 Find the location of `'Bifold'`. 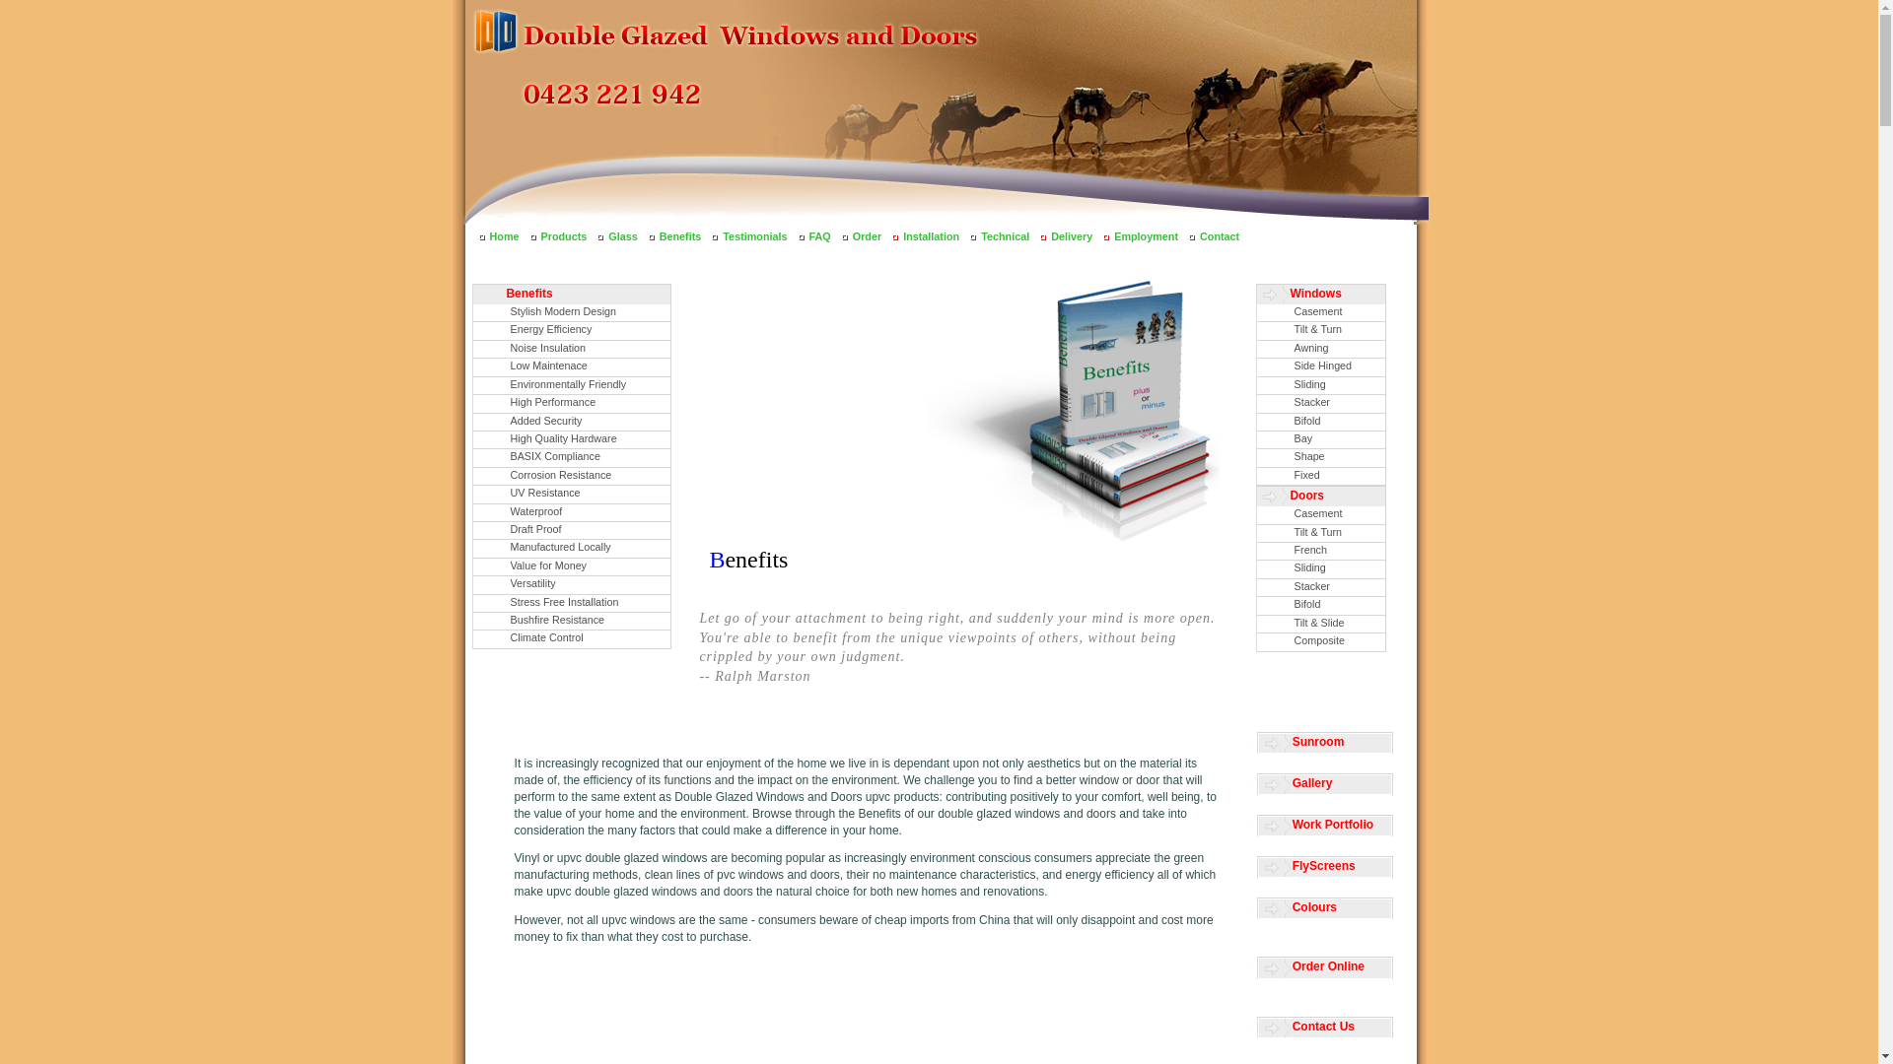

'Bifold' is located at coordinates (1320, 604).